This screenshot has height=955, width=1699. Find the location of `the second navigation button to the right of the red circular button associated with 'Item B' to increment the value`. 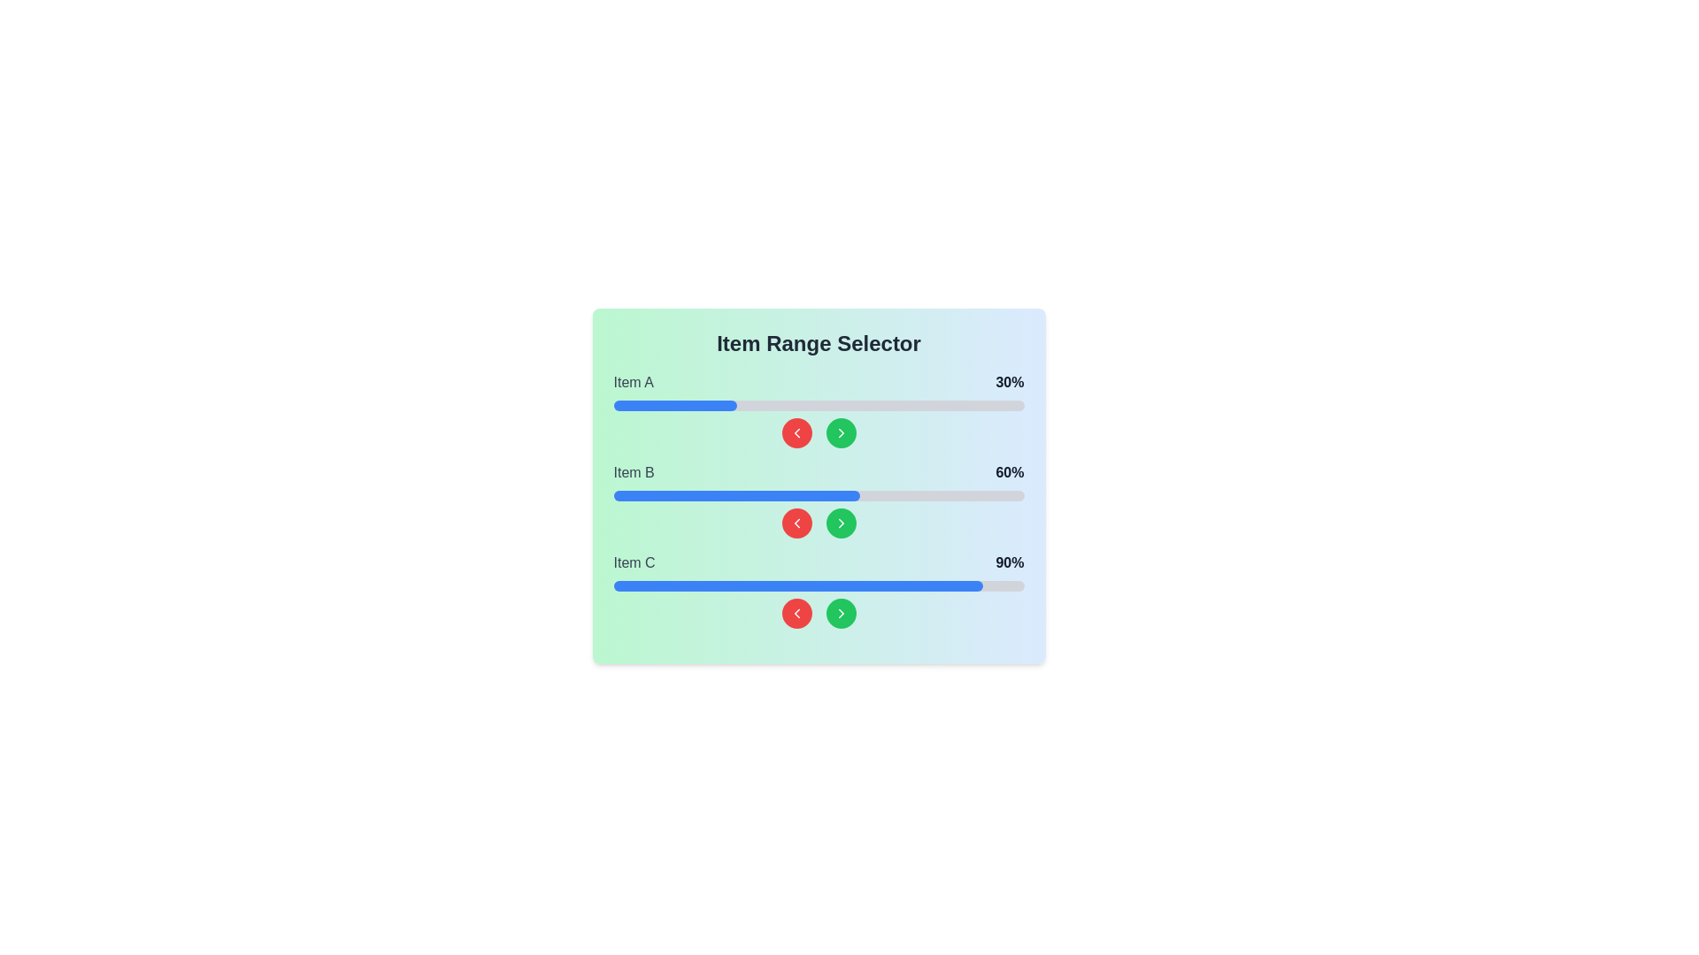

the second navigation button to the right of the red circular button associated with 'Item B' to increment the value is located at coordinates (840, 522).